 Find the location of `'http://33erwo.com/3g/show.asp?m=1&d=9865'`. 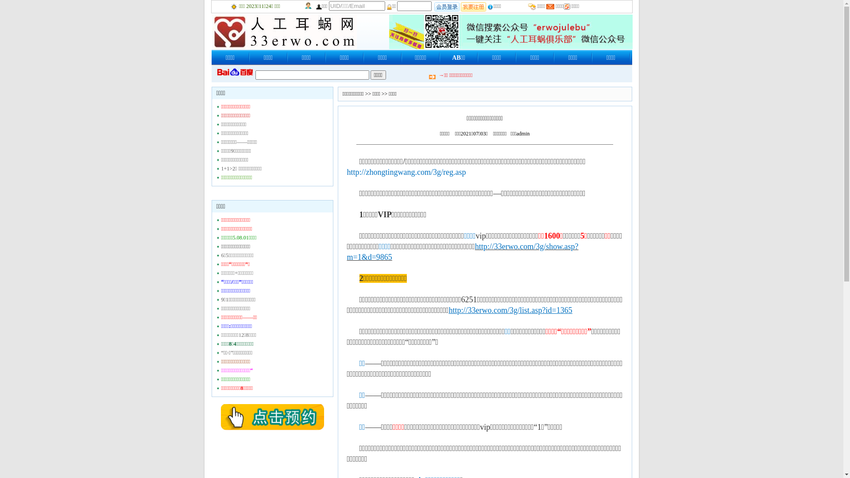

'http://33erwo.com/3g/show.asp?m=1&d=9865' is located at coordinates (462, 251).